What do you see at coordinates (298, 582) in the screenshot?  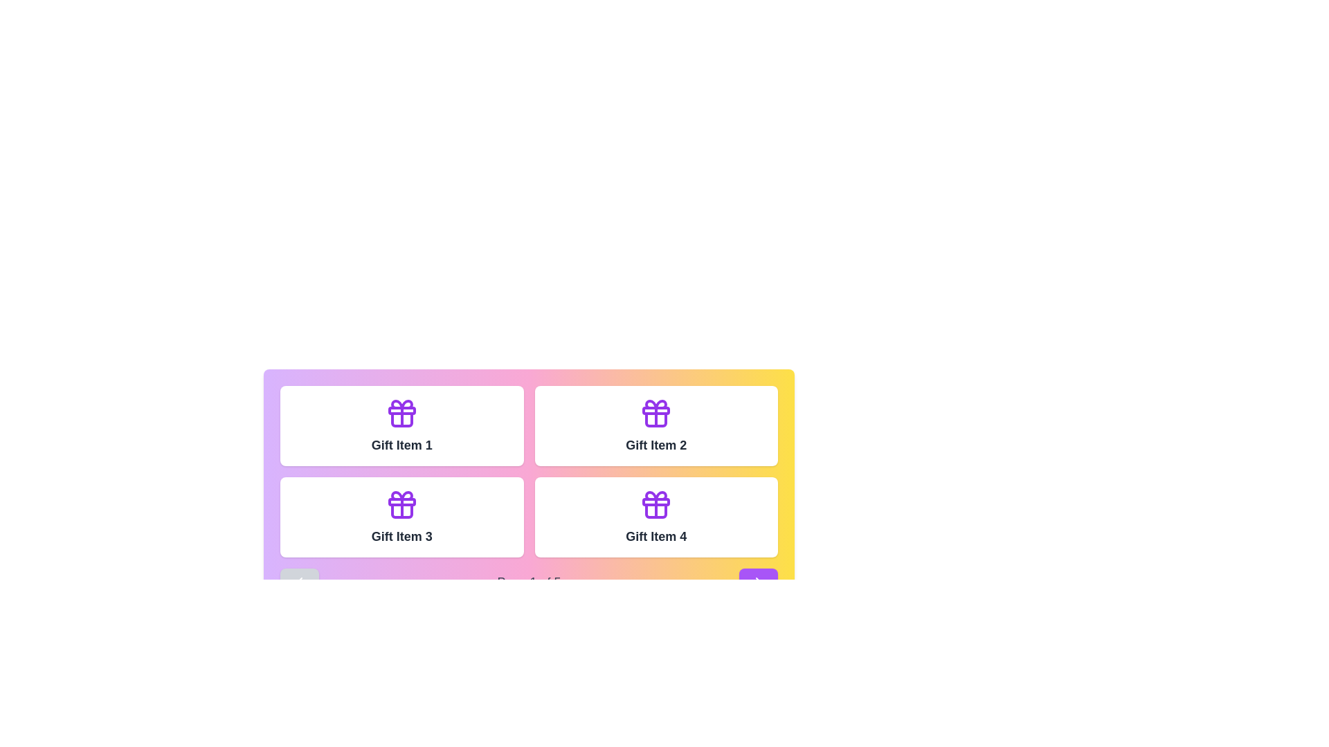 I see `the left-facing chevron arrow icon located inside a purple rectangular button with white text in the bottom left part of the interface` at bounding box center [298, 582].